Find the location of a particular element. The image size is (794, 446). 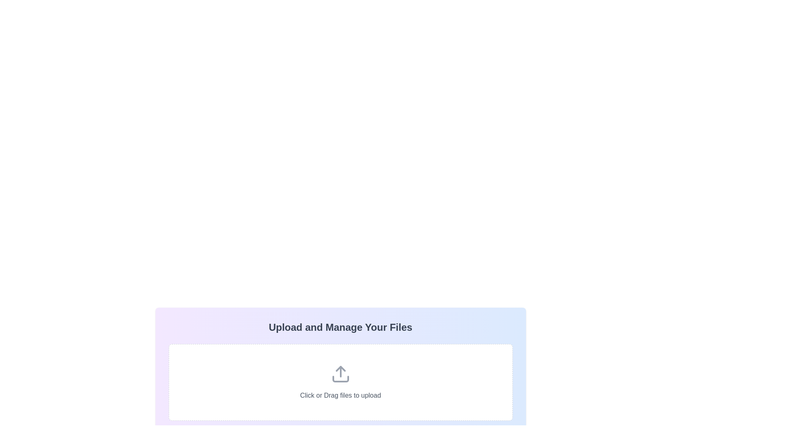

the upload icon represented by an SVG in the dashed-bordered box for file uploads located under the 'Upload and Manage Your Files' header is located at coordinates (340, 374).